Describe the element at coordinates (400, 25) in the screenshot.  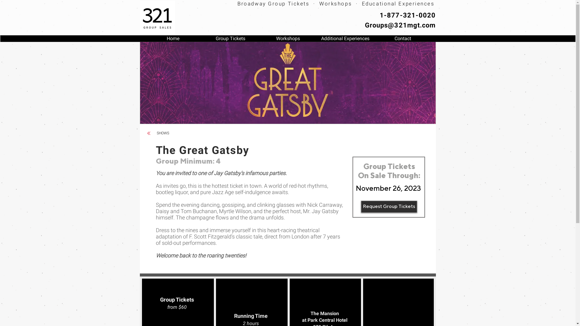
I see `'Groups@321mgt.com'` at that location.